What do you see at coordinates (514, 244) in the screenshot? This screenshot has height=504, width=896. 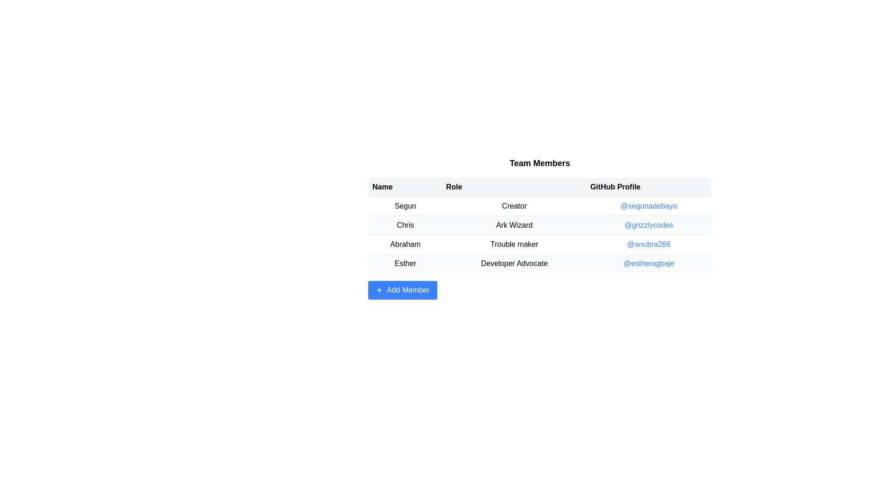 I see `the text label 'Trouble maker' located in the third row of the table under the 'Role' column, associated with the name 'Abraham'` at bounding box center [514, 244].